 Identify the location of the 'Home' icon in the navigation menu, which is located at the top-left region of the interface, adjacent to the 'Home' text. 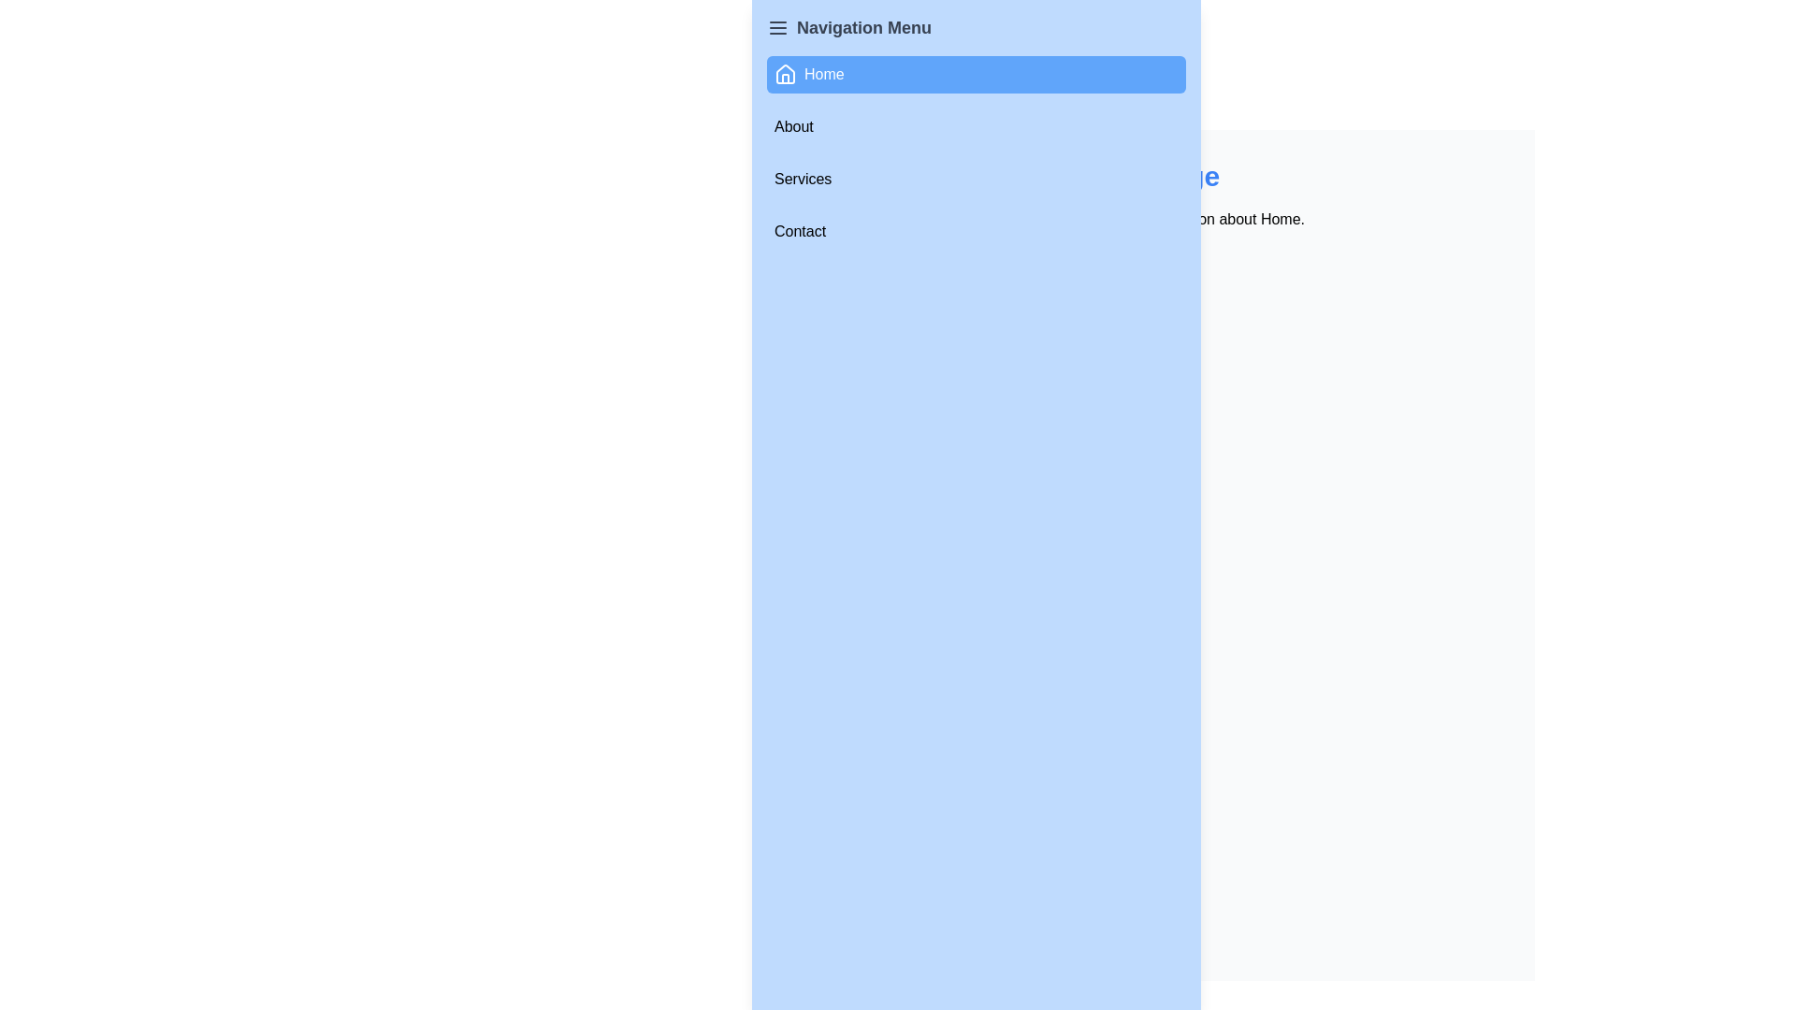
(786, 78).